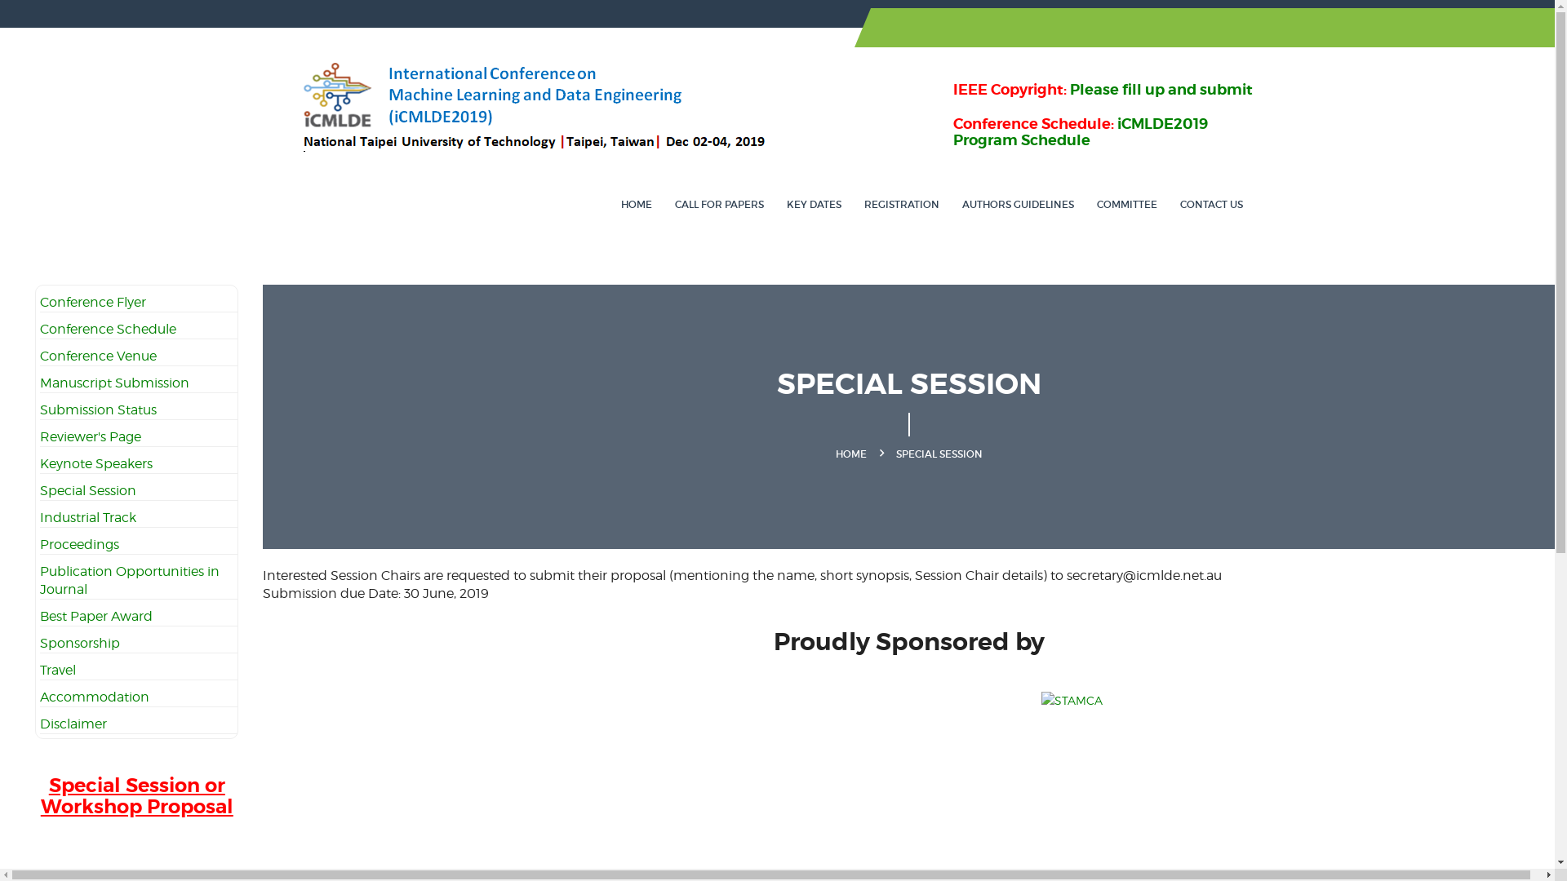 This screenshot has height=881, width=1567. Describe the element at coordinates (1016, 203) in the screenshot. I see `'AUTHORS GUIDELINES'` at that location.